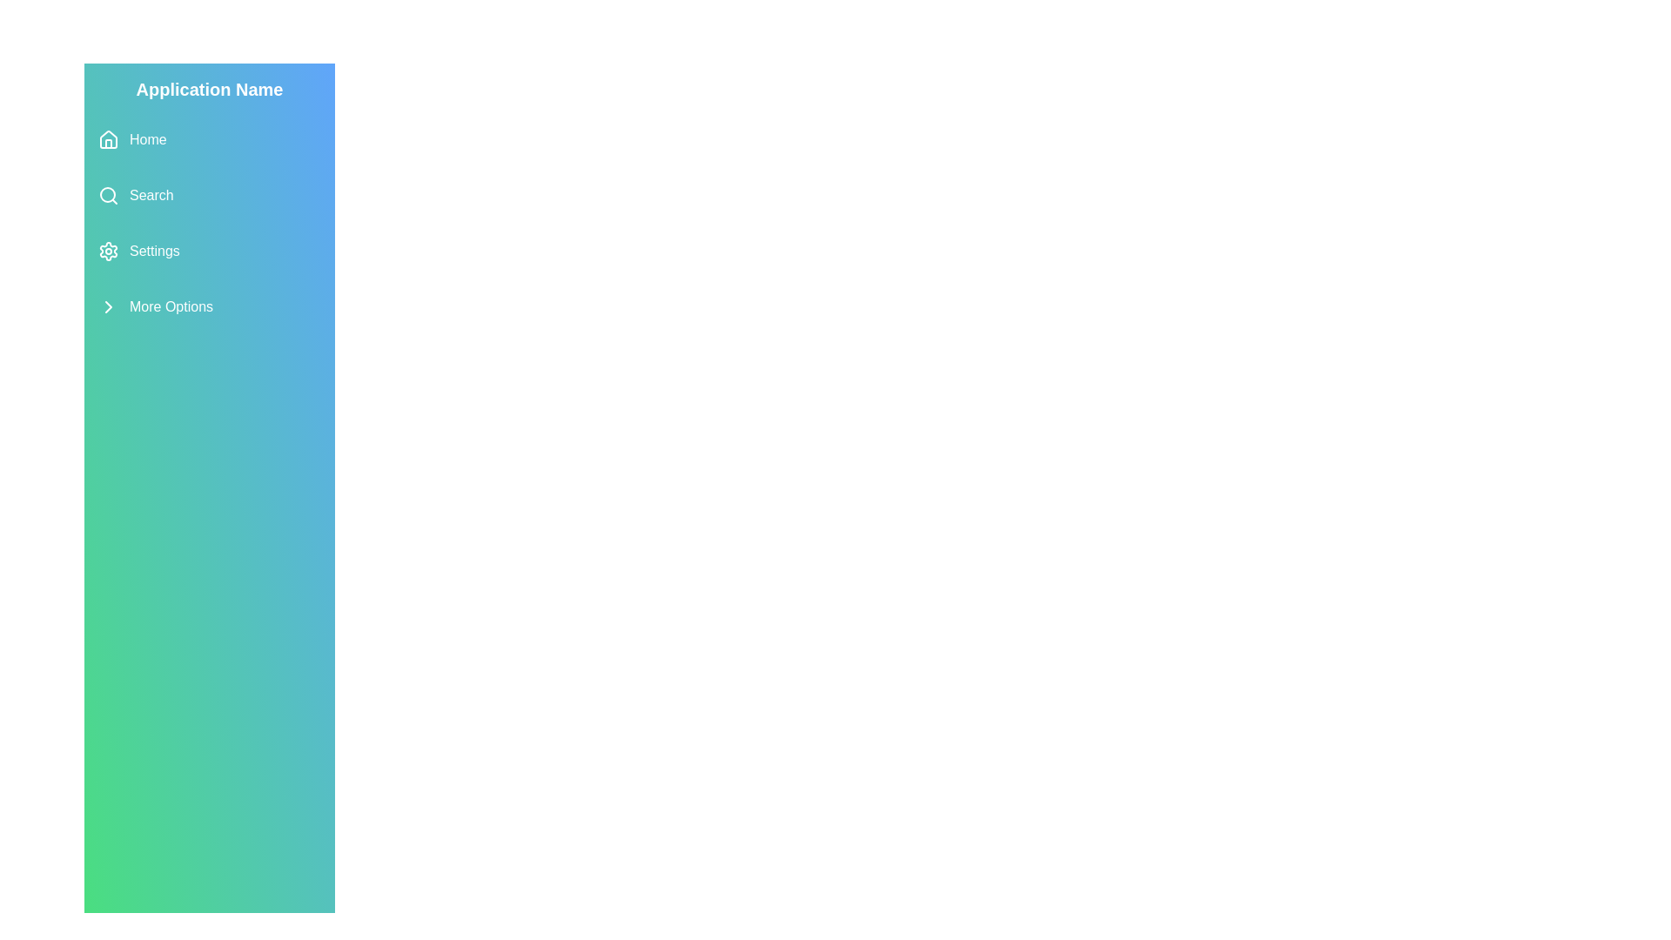 Image resolution: width=1671 pixels, height=940 pixels. What do you see at coordinates (209, 90) in the screenshot?
I see `the title text 'Application Name' to inspect its properties` at bounding box center [209, 90].